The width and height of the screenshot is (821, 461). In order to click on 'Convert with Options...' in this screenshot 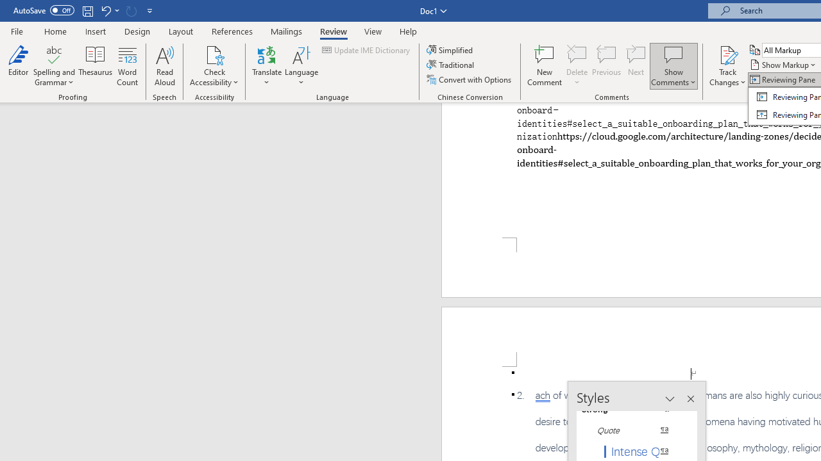, I will do `click(469, 79)`.